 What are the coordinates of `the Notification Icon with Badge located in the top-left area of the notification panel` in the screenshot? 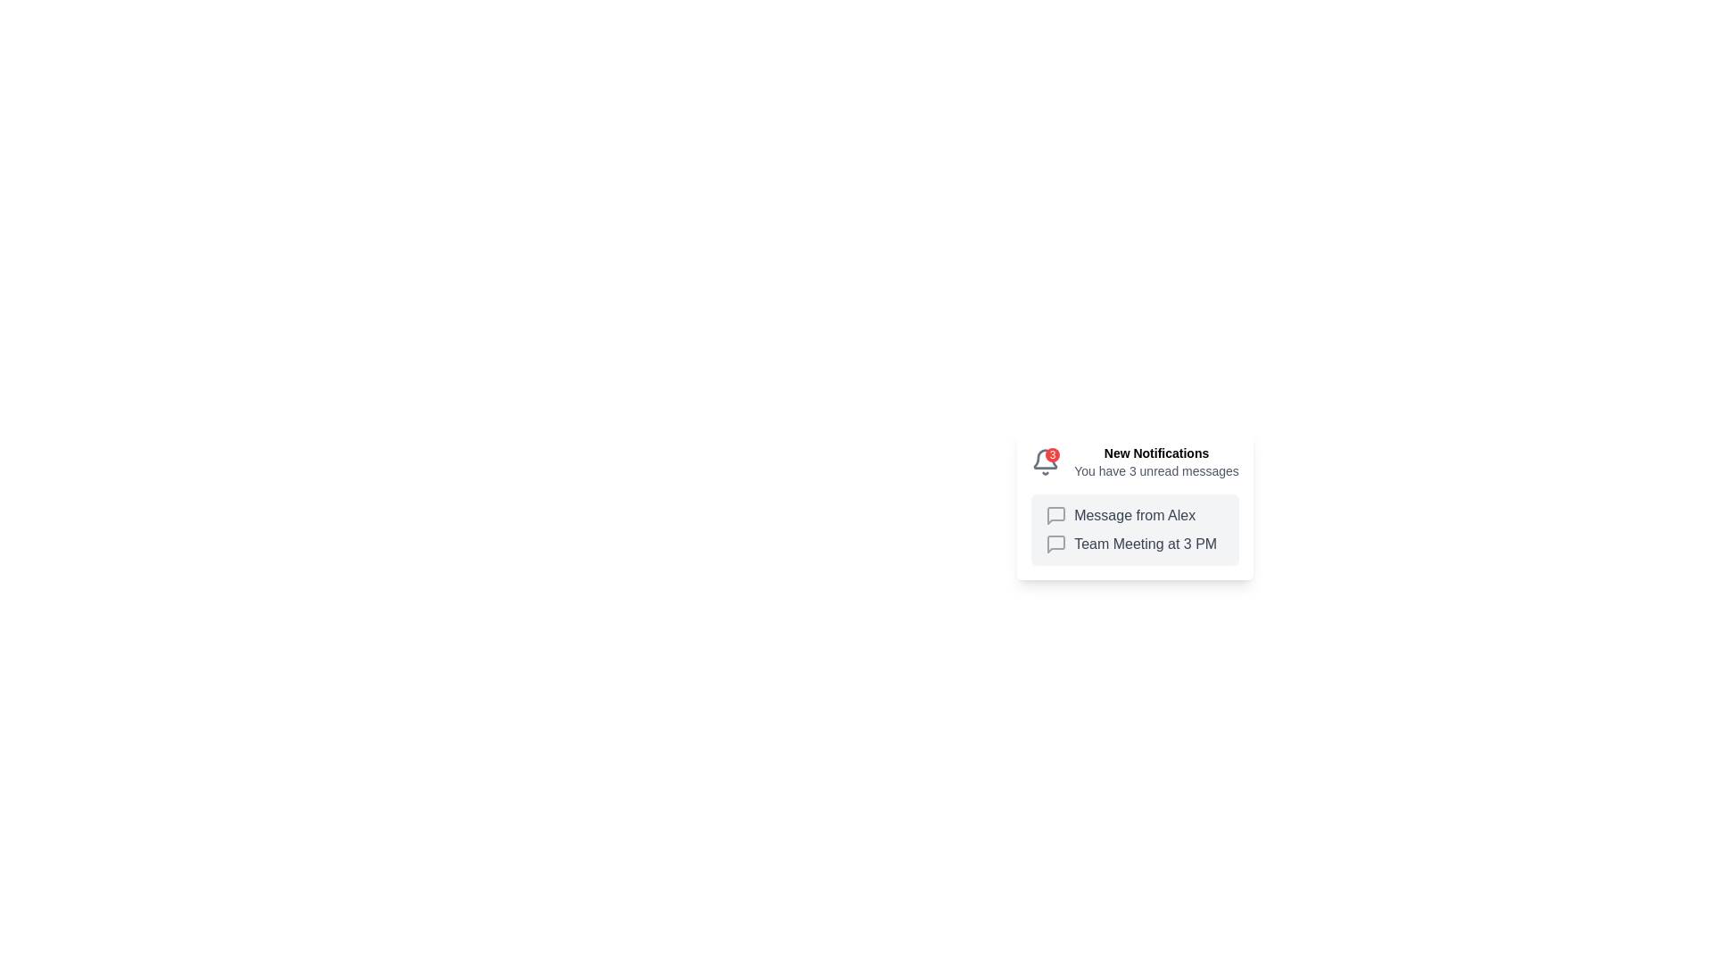 It's located at (1045, 461).